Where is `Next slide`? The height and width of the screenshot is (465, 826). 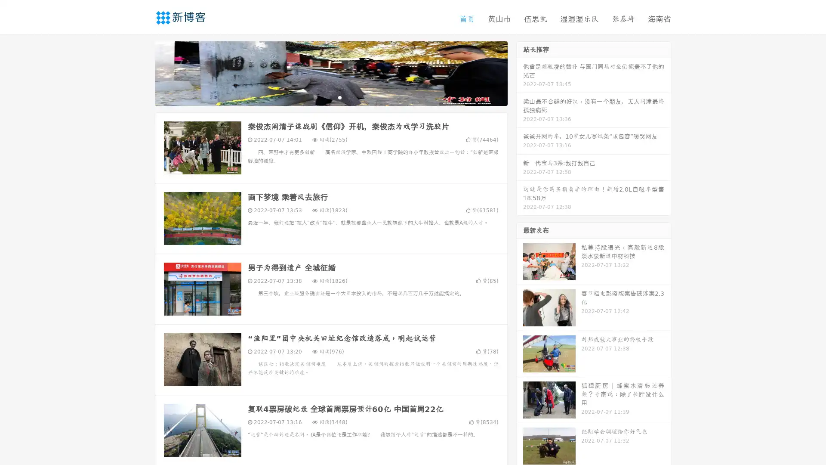
Next slide is located at coordinates (520, 72).